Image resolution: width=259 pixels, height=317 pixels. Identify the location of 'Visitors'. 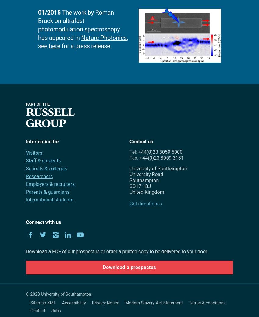
(34, 152).